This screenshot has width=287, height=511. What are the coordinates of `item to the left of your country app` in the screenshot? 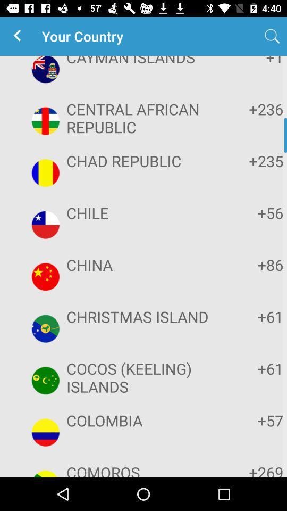 It's located at (19, 36).